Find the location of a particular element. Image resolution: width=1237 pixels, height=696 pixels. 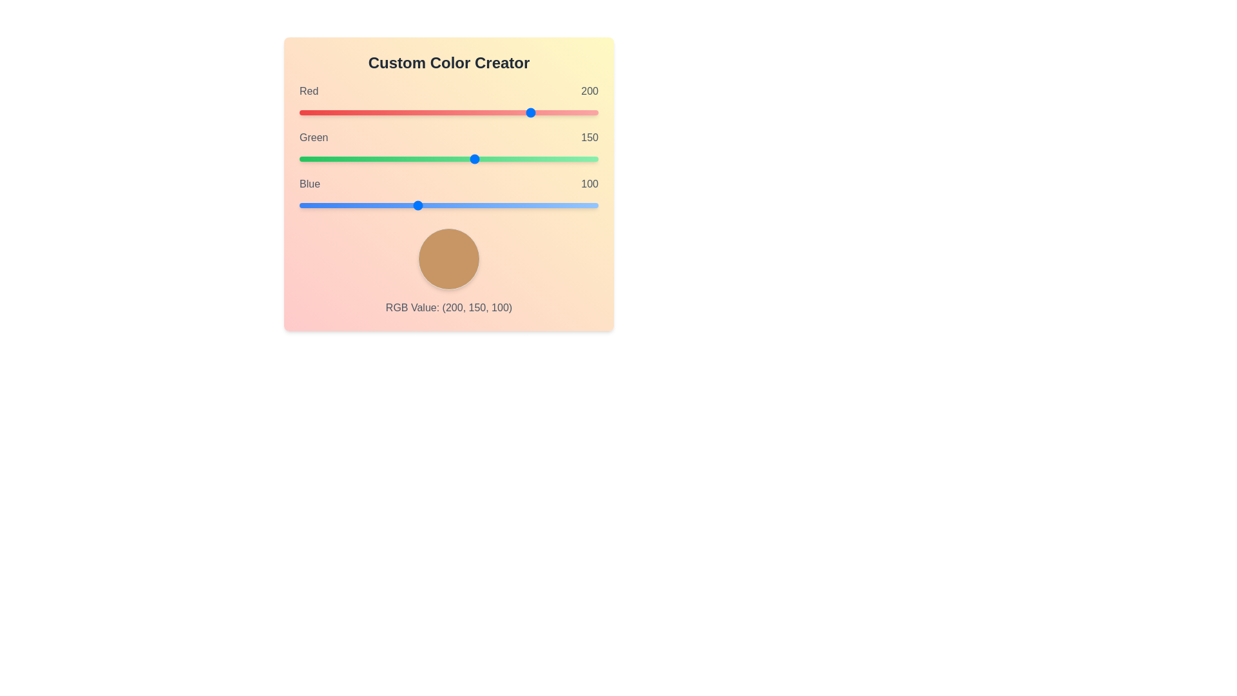

the Green slider to set the green component to 120 is located at coordinates (440, 158).